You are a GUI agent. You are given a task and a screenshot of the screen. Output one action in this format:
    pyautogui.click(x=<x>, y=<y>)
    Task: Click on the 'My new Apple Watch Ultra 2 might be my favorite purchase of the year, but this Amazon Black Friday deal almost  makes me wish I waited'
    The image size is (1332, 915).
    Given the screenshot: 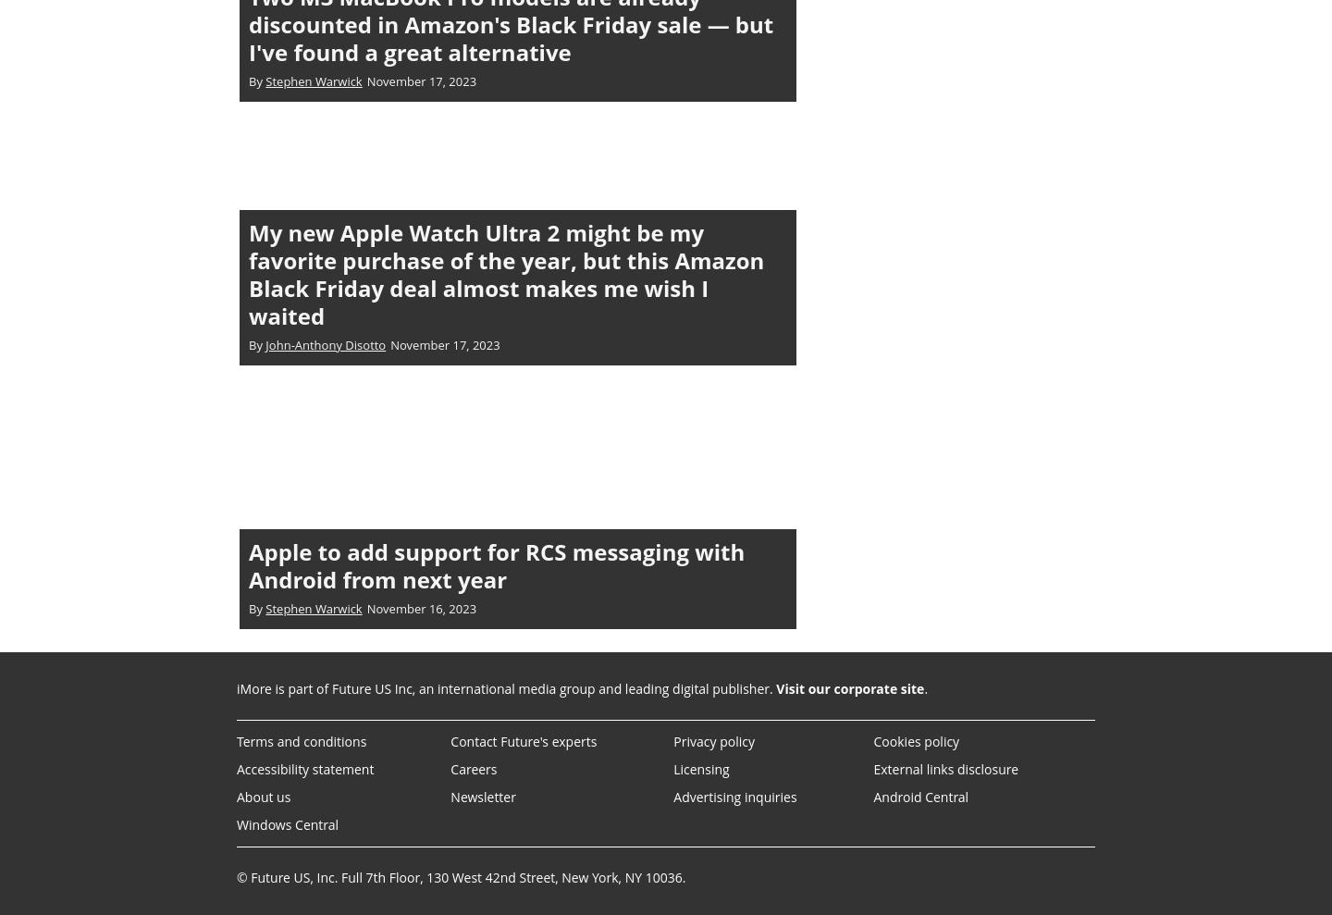 What is the action you would take?
    pyautogui.click(x=506, y=273)
    